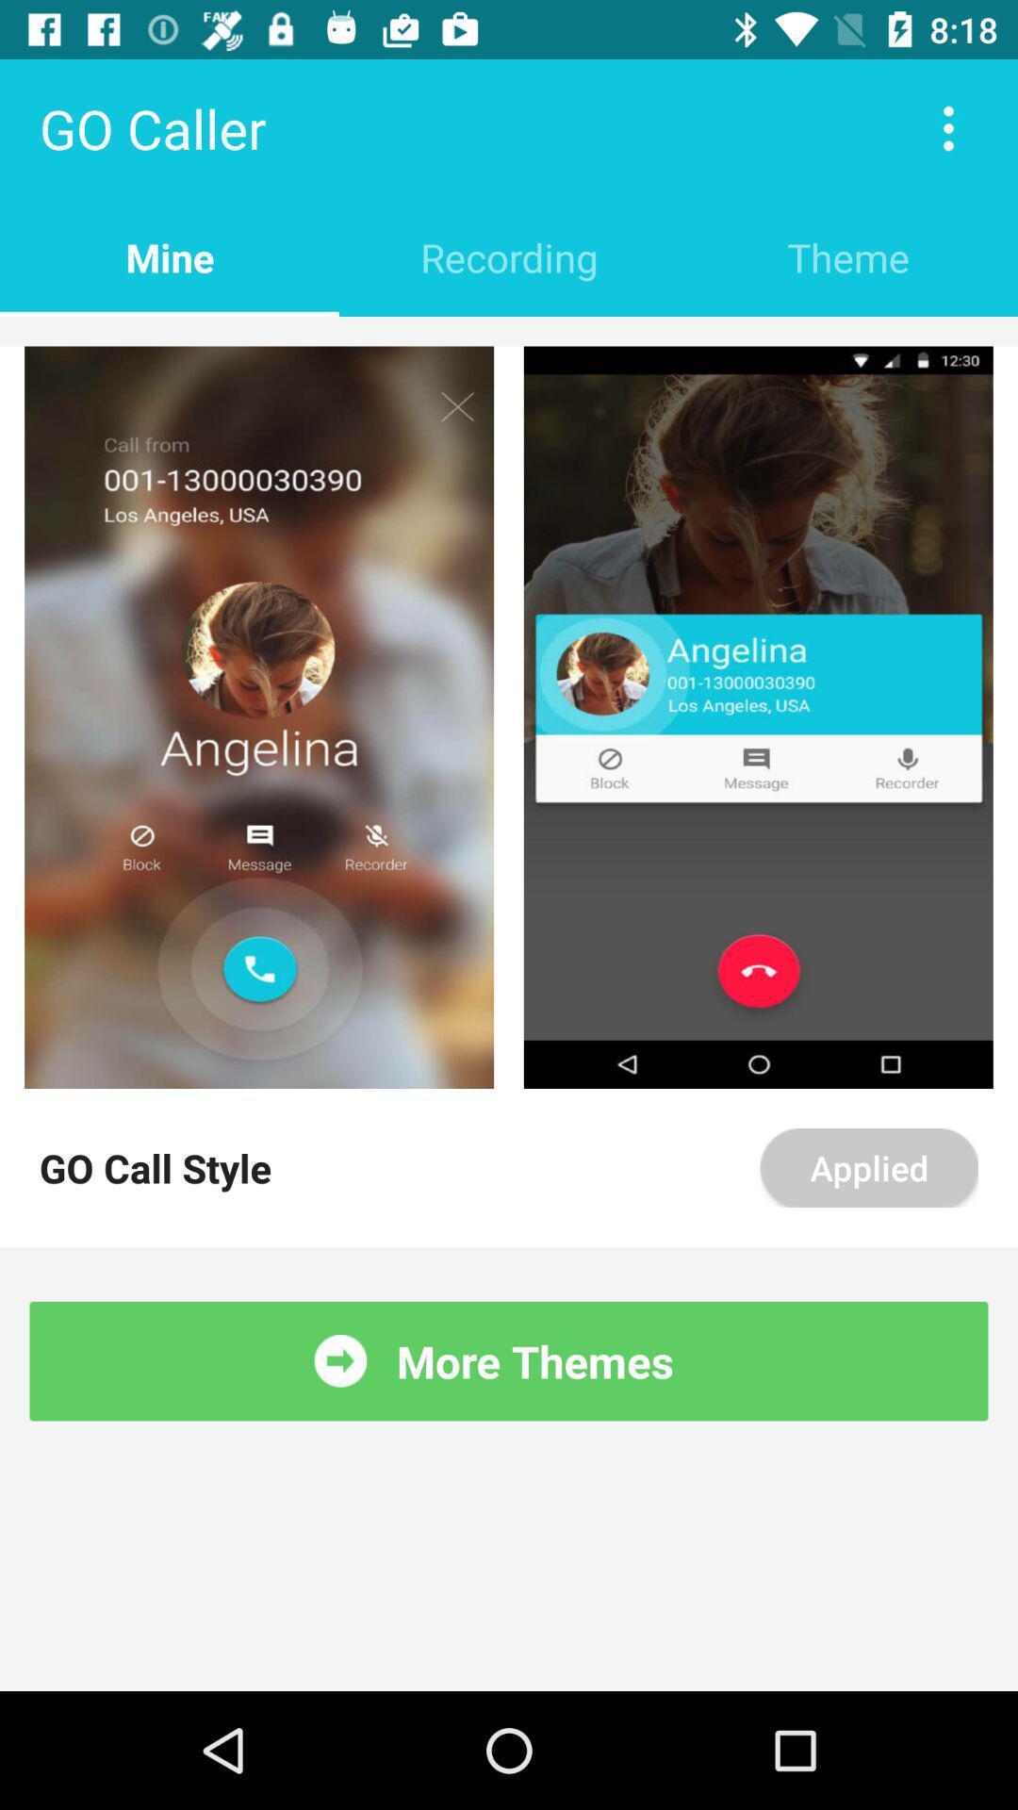 Image resolution: width=1018 pixels, height=1810 pixels. What do you see at coordinates (340, 1360) in the screenshot?
I see `the item to the left of the more themes` at bounding box center [340, 1360].